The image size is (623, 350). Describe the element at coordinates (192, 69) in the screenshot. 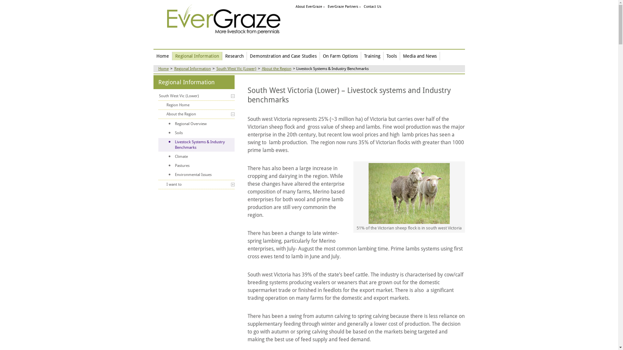

I see `'Regional Information'` at that location.